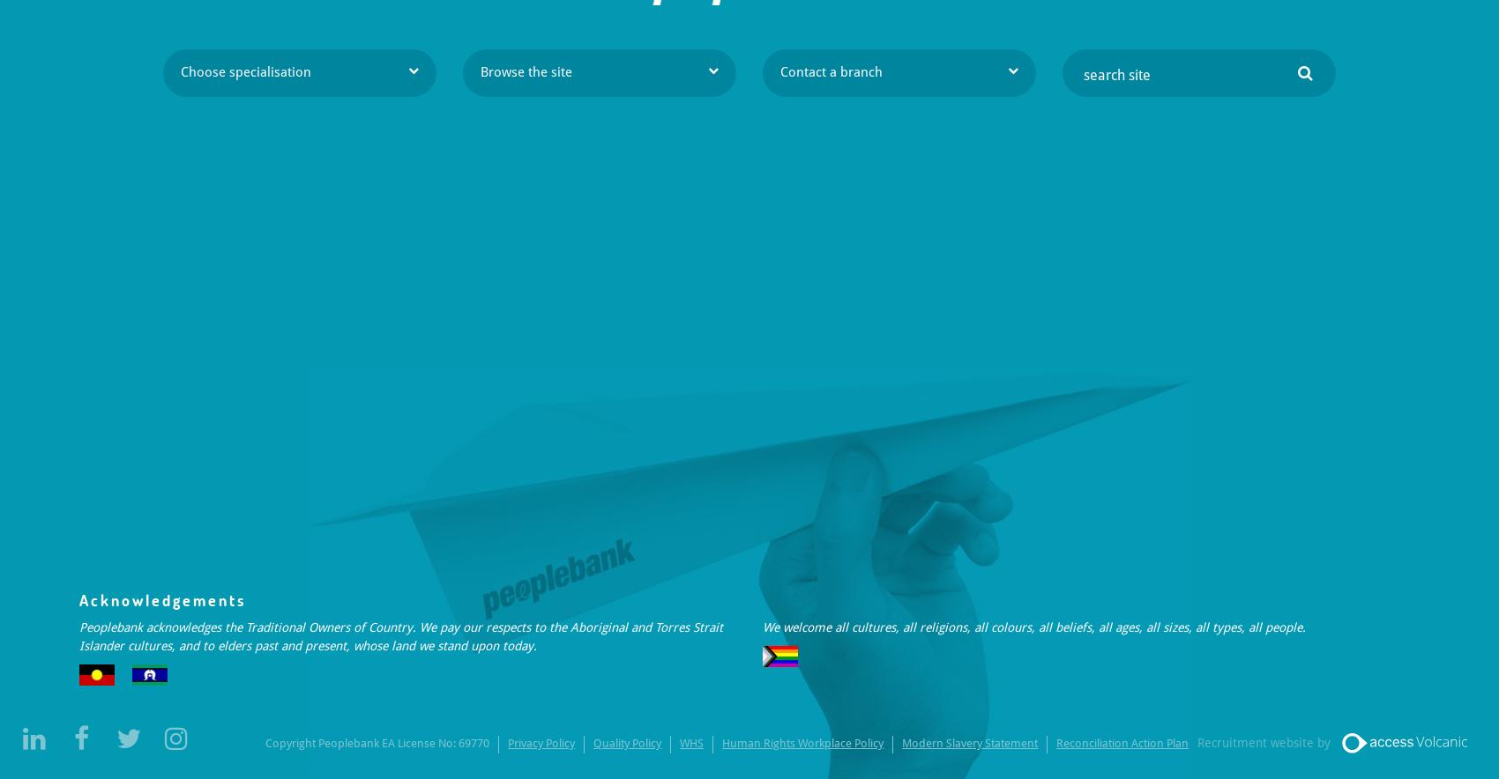 The width and height of the screenshot is (1499, 779). What do you see at coordinates (831, 72) in the screenshot?
I see `'Contact a branch'` at bounding box center [831, 72].